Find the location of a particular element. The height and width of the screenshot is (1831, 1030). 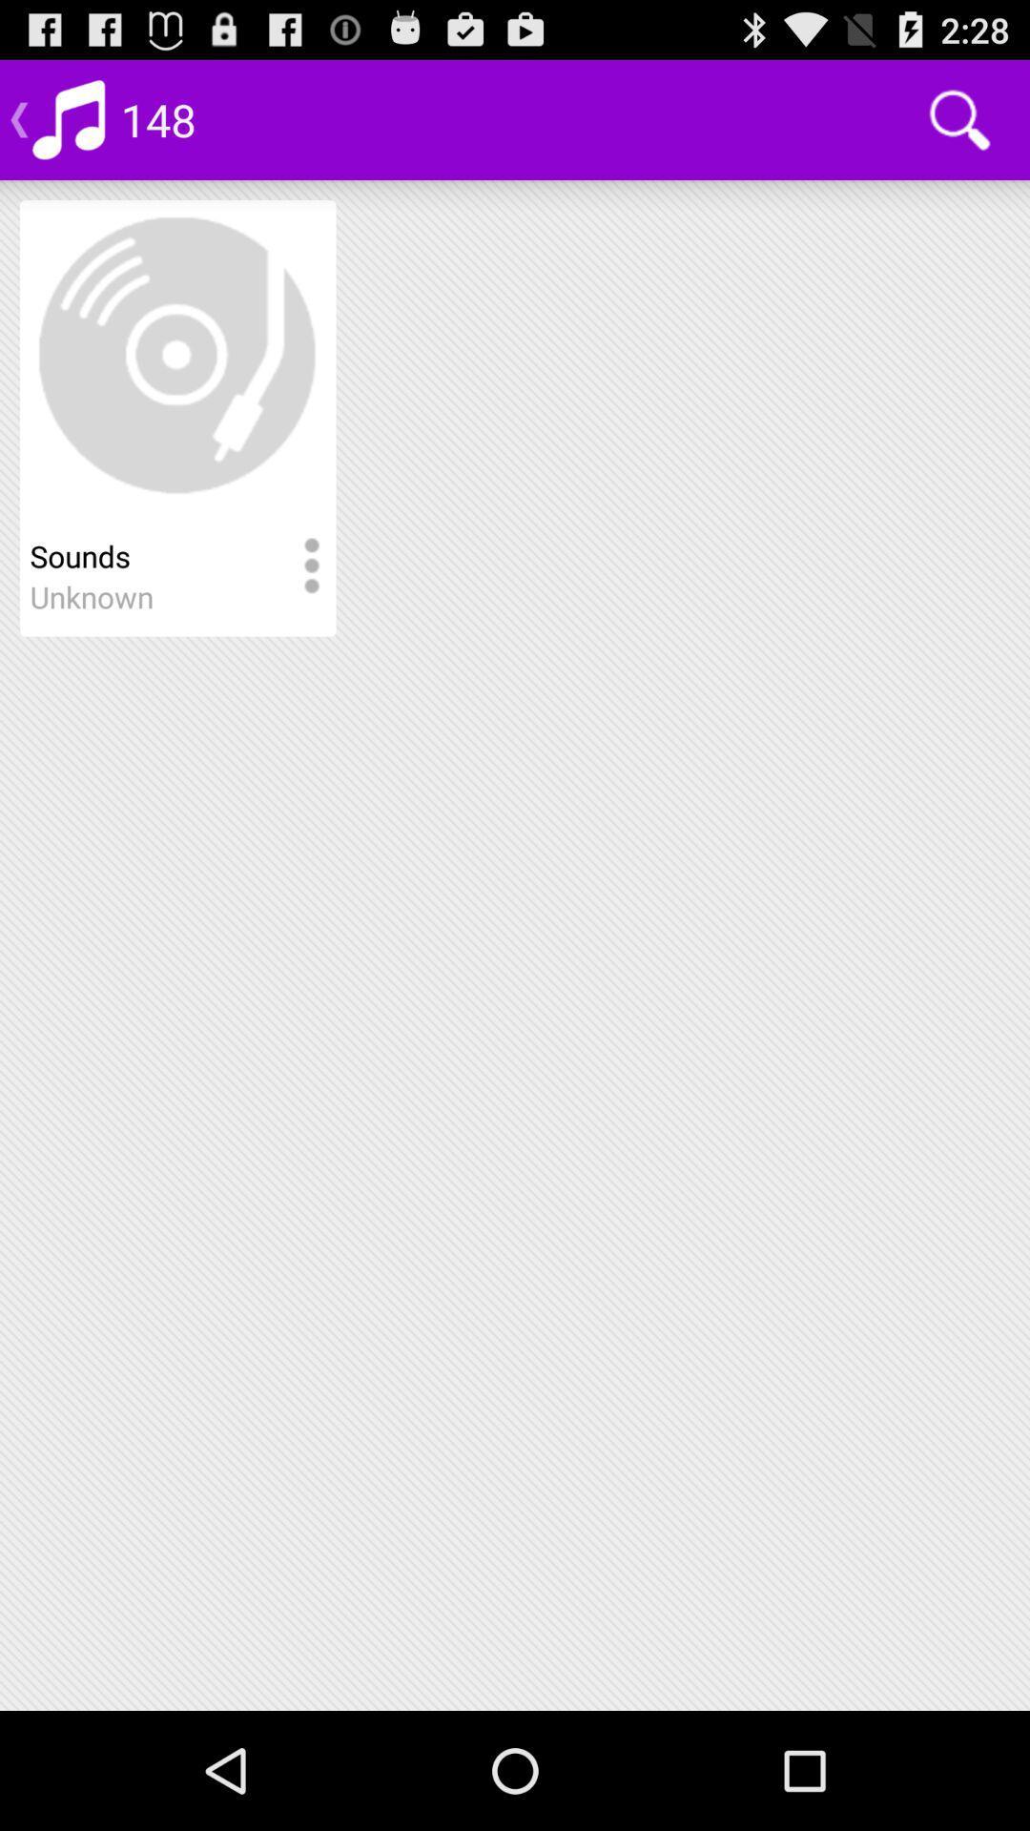

the item to the right of the sounds is located at coordinates (310, 566).